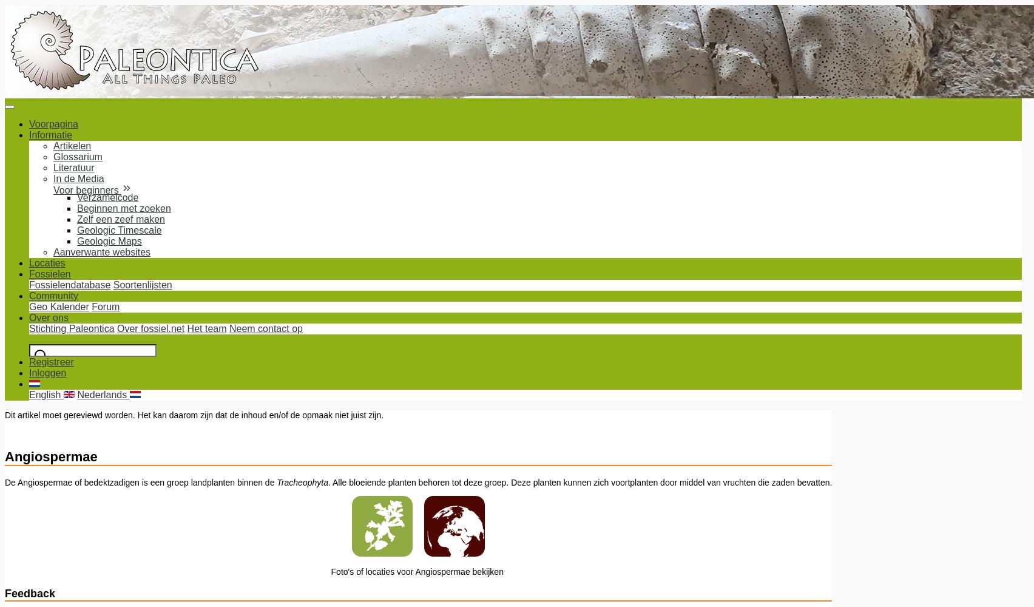  What do you see at coordinates (53, 295) in the screenshot?
I see `'Community'` at bounding box center [53, 295].